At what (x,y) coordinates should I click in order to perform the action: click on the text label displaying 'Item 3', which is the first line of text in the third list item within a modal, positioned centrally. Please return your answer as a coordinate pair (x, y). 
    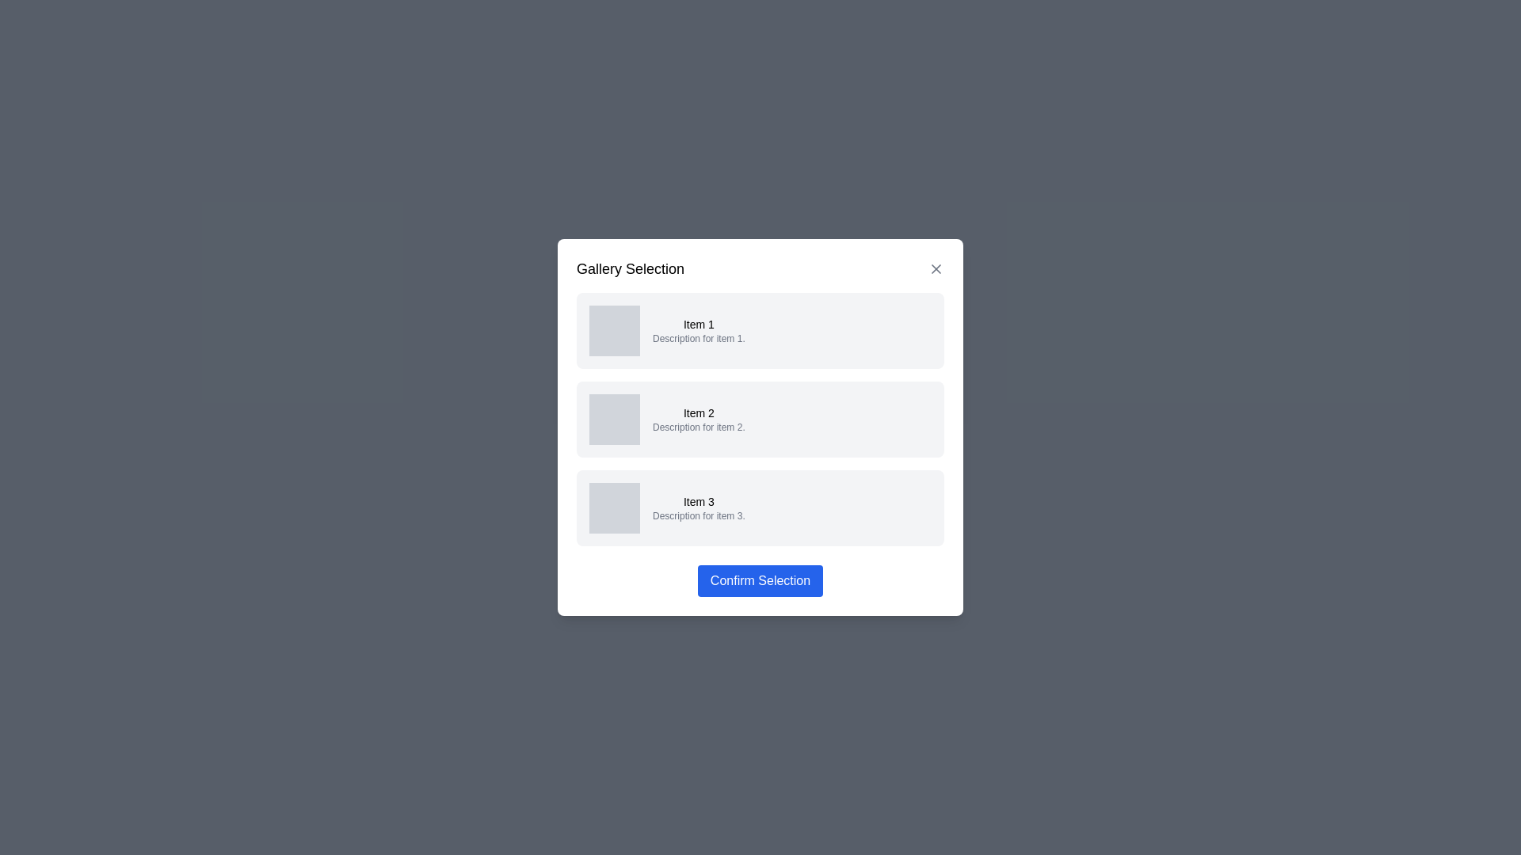
    Looking at the image, I should click on (698, 501).